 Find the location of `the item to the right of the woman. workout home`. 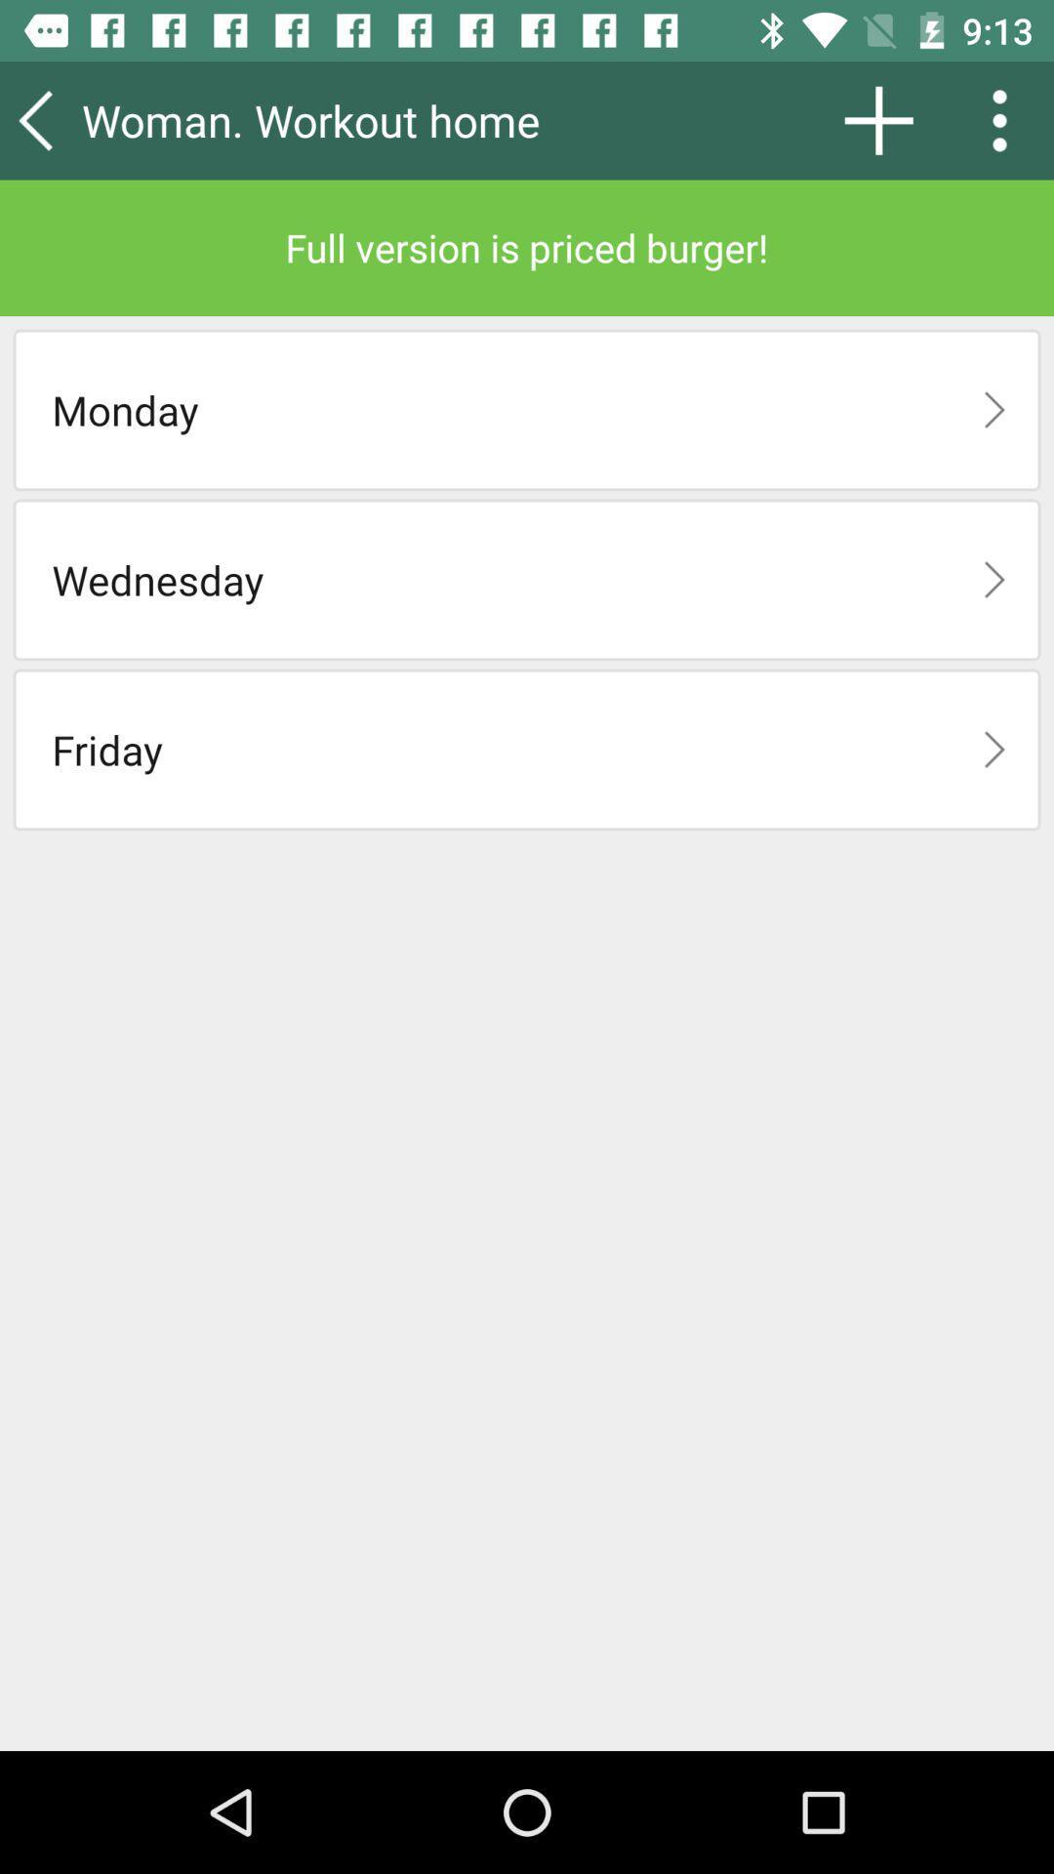

the item to the right of the woman. workout home is located at coordinates (878, 119).